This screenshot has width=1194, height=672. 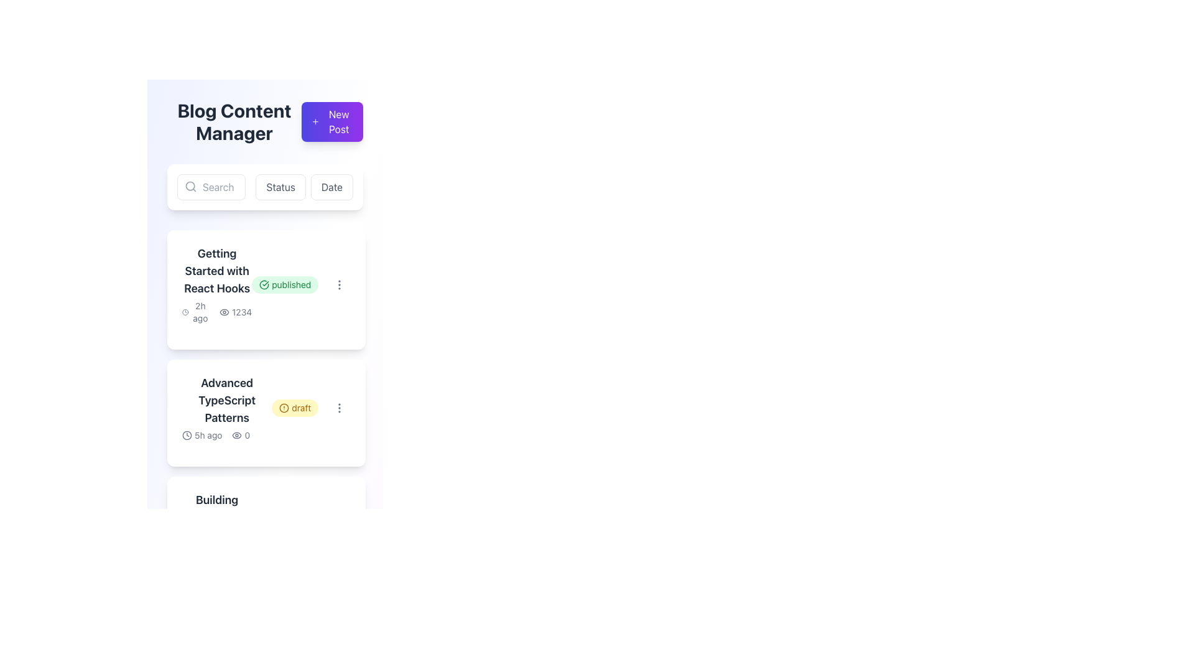 I want to click on the 'New Post' button, which has a gradient background from indigo to purple and contains white text with a plus icon, located at the top right corner next to 'Blog Content Manager', so click(x=332, y=122).